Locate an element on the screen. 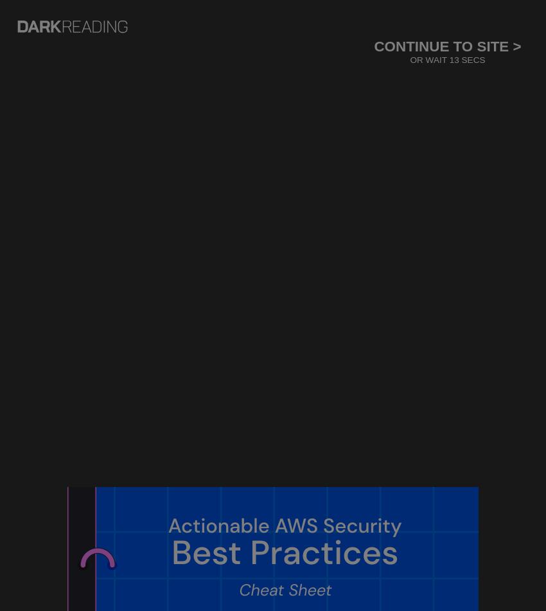  'The Edge' is located at coordinates (69, 70).